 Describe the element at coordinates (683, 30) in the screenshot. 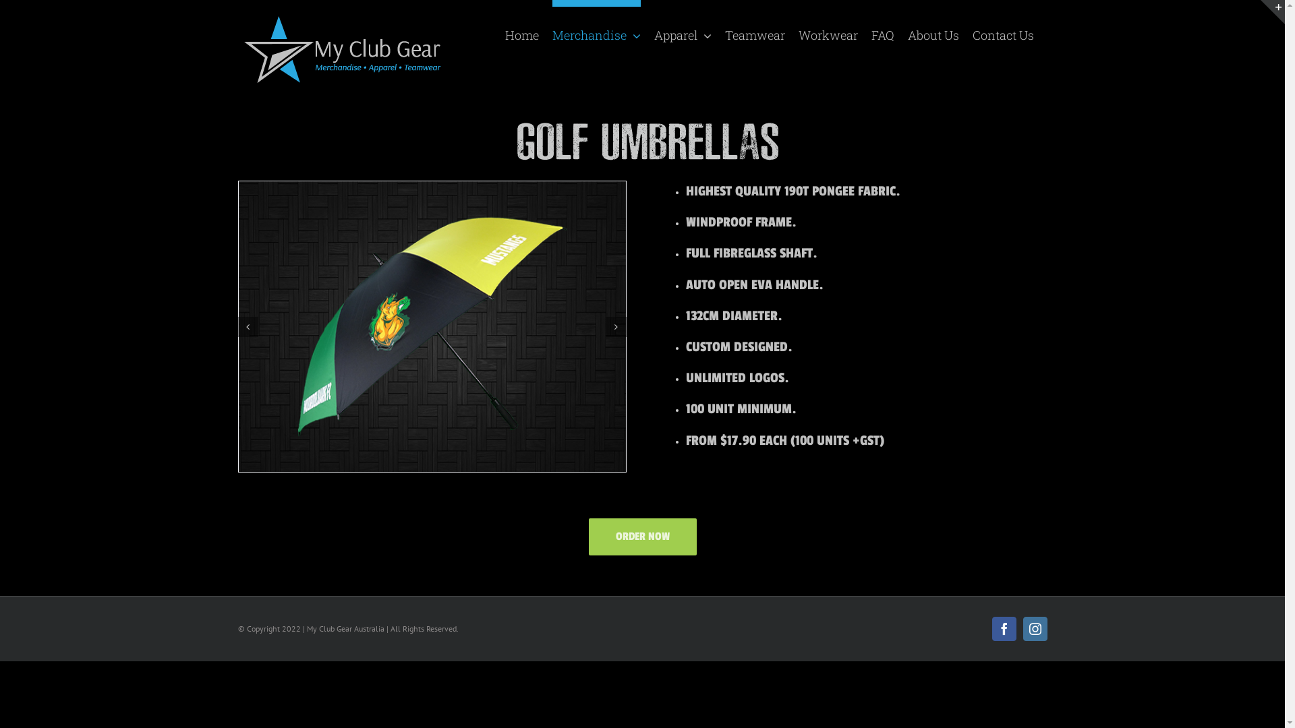

I see `'Apparel'` at that location.